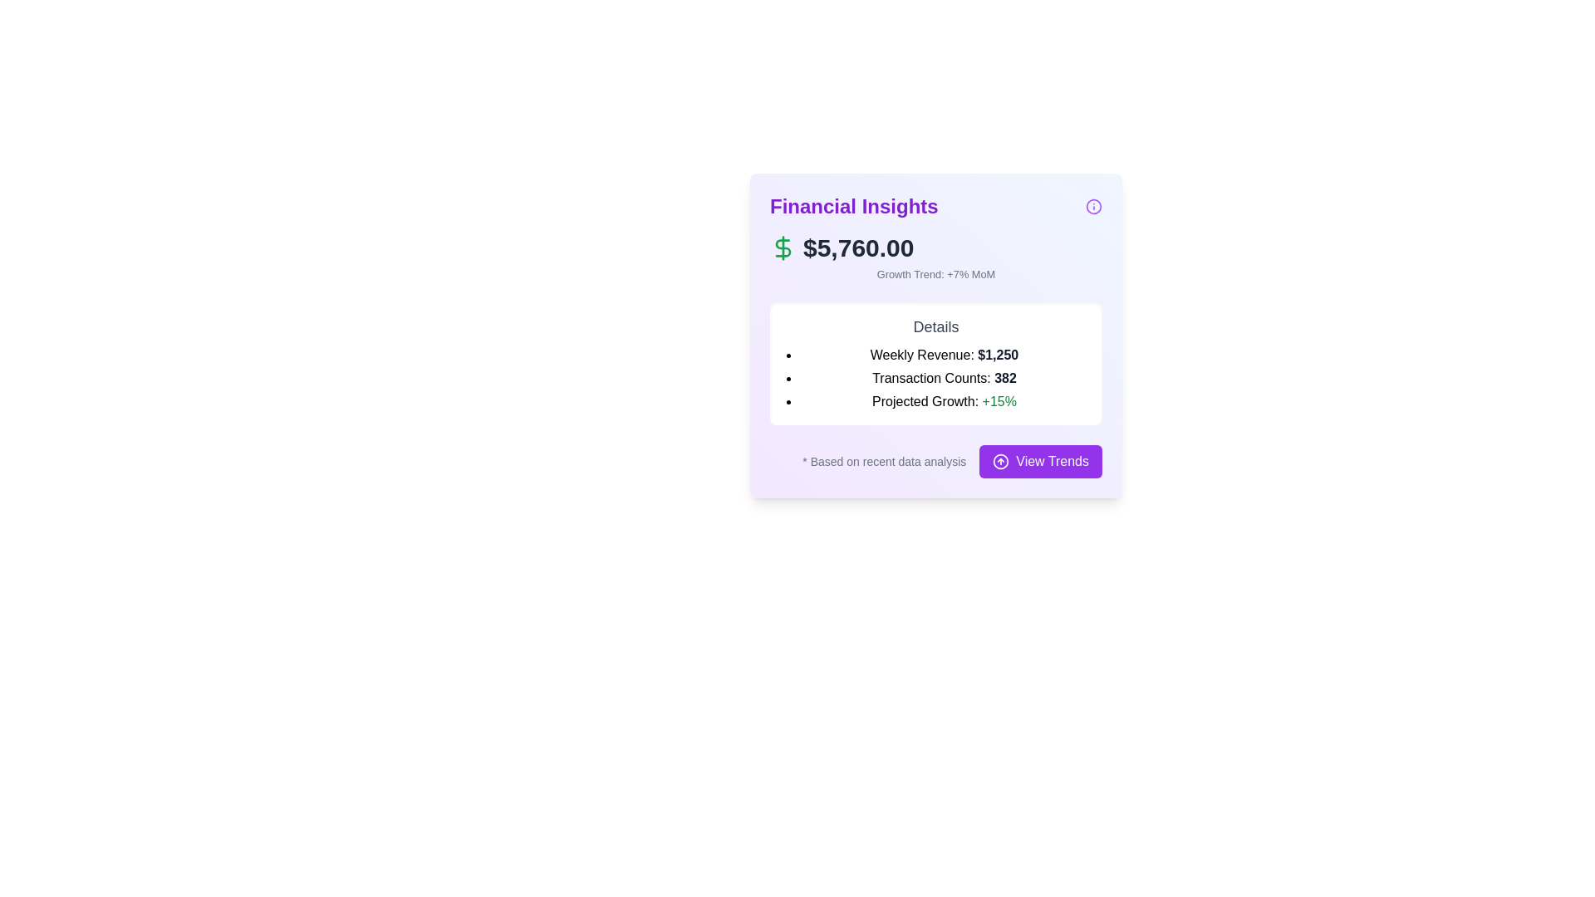 Image resolution: width=1595 pixels, height=897 pixels. I want to click on the Text Label displaying a financial amount in the 'Financial Insights' section, located to the right of the green dollar sign icon and below the title, so click(858, 248).